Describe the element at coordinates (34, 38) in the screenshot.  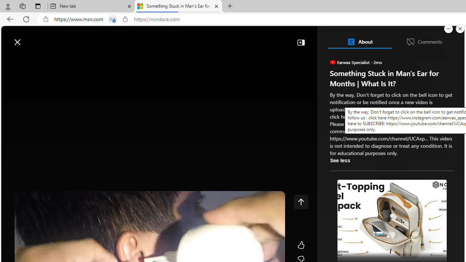
I see `'Microsoft Start'` at that location.